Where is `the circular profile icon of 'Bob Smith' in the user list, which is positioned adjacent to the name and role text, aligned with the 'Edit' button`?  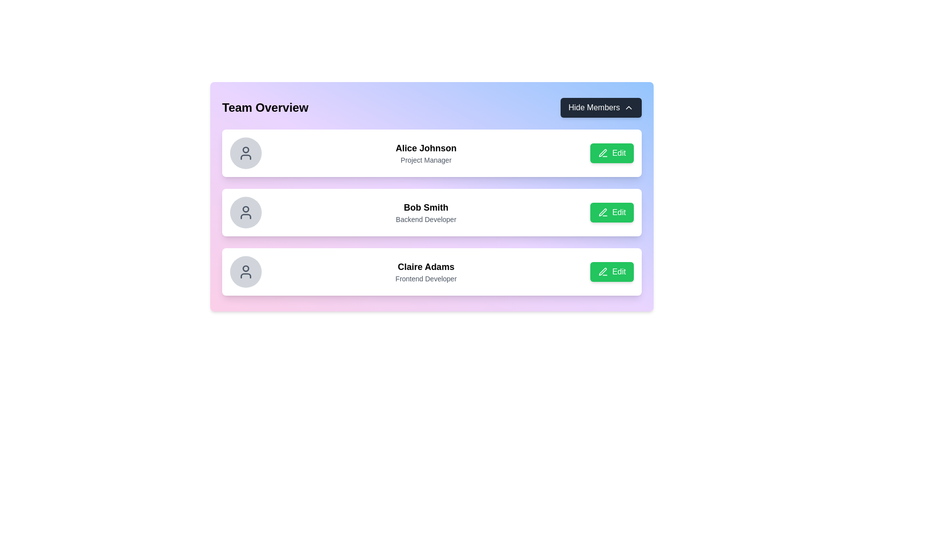
the circular profile icon of 'Bob Smith' in the user list, which is positioned adjacent to the name and role text, aligned with the 'Edit' button is located at coordinates (246, 209).